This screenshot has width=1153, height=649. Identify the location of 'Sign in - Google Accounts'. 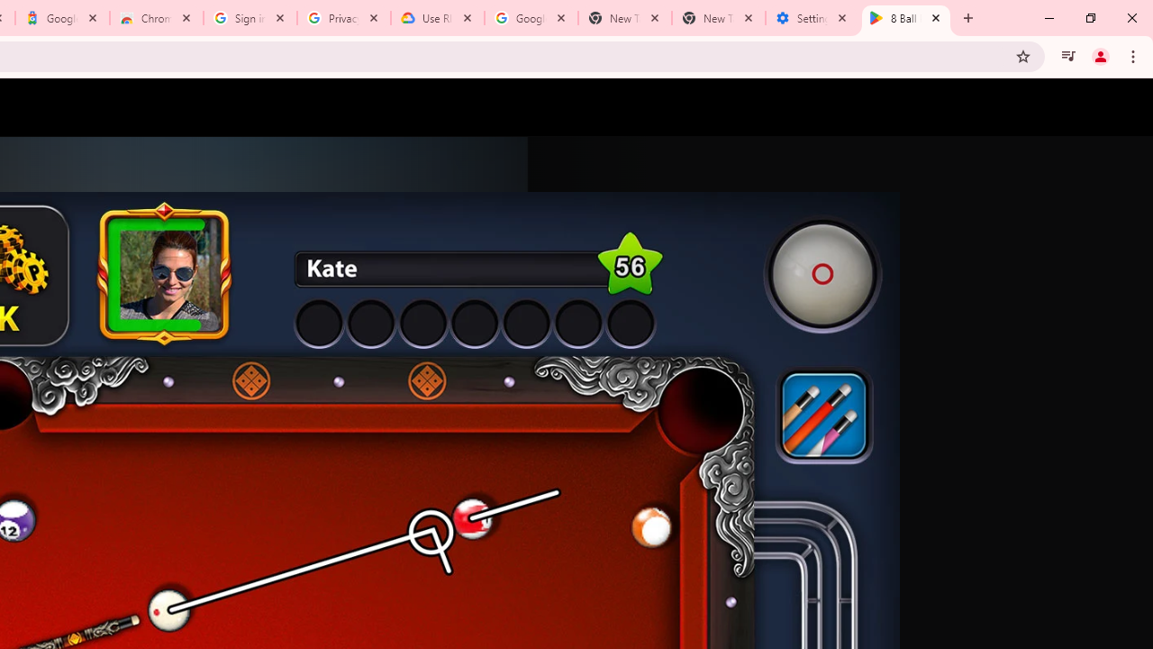
(250, 18).